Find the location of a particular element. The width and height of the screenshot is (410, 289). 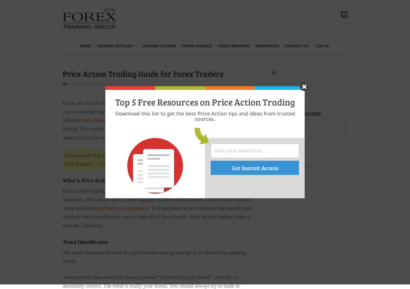

'Get Instant Access' is located at coordinates (254, 167).